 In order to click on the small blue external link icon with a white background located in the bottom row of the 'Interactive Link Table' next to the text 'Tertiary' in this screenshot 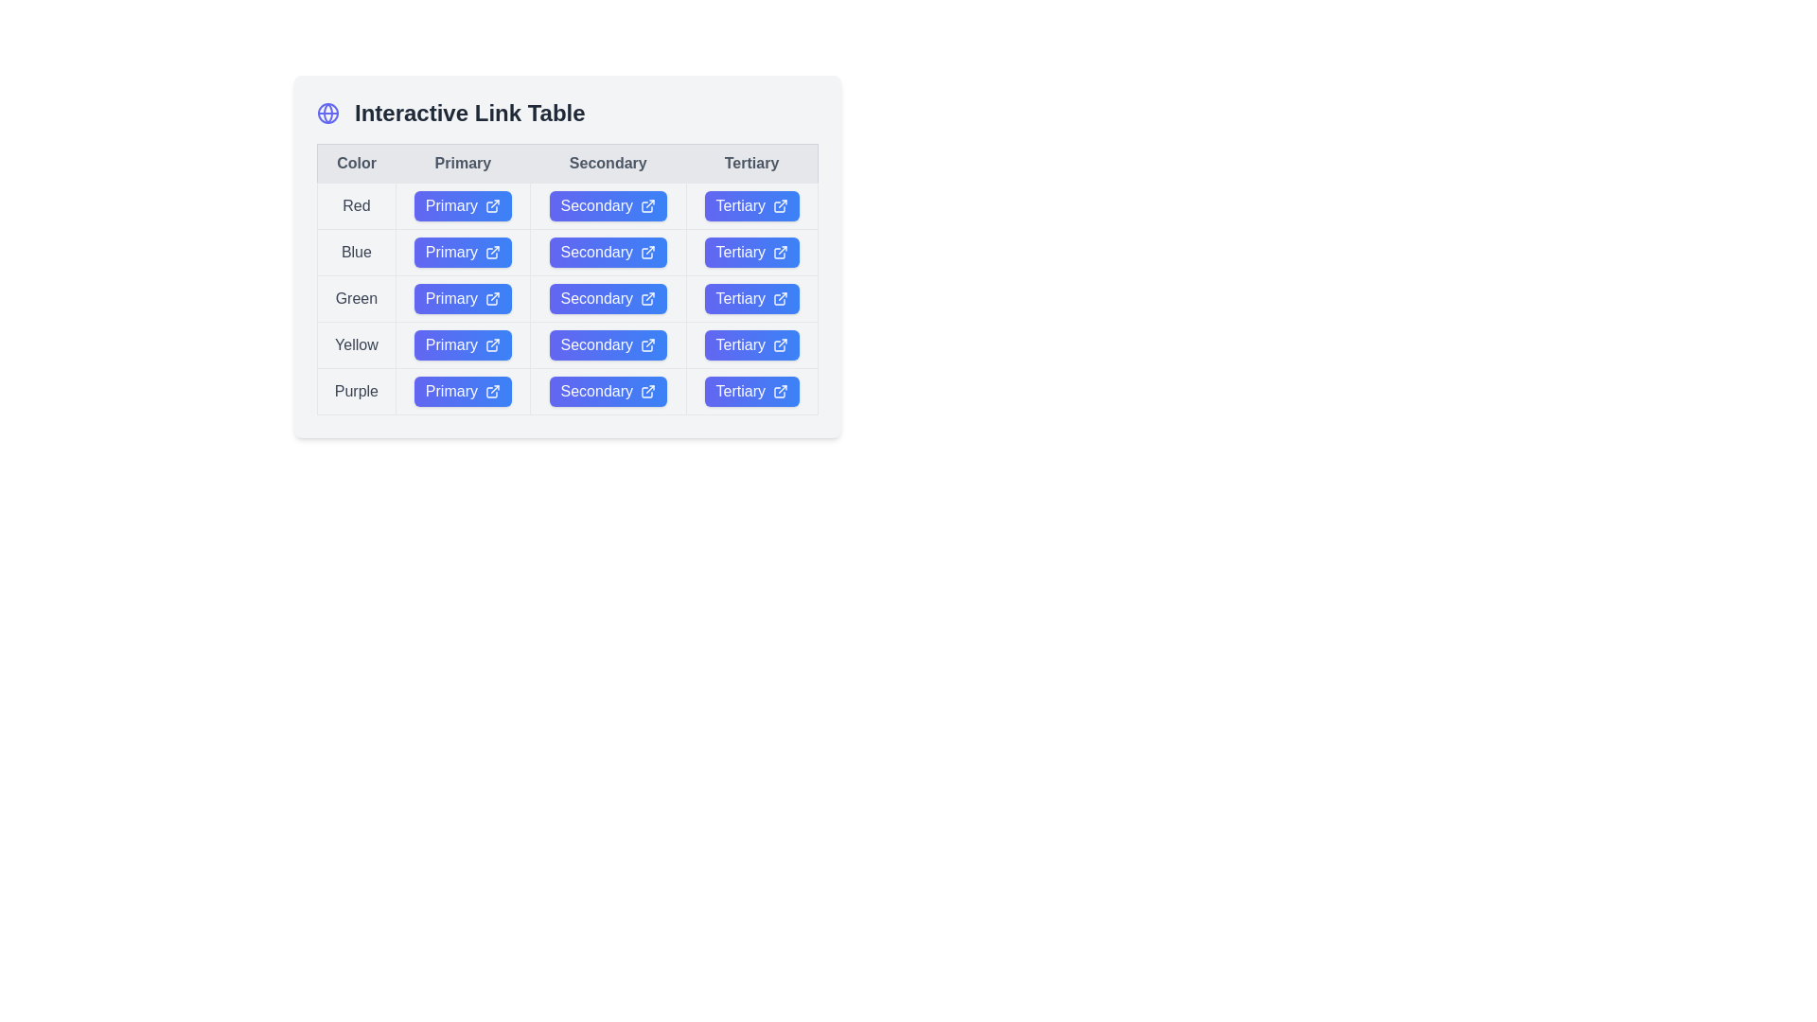, I will do `click(781, 390)`.